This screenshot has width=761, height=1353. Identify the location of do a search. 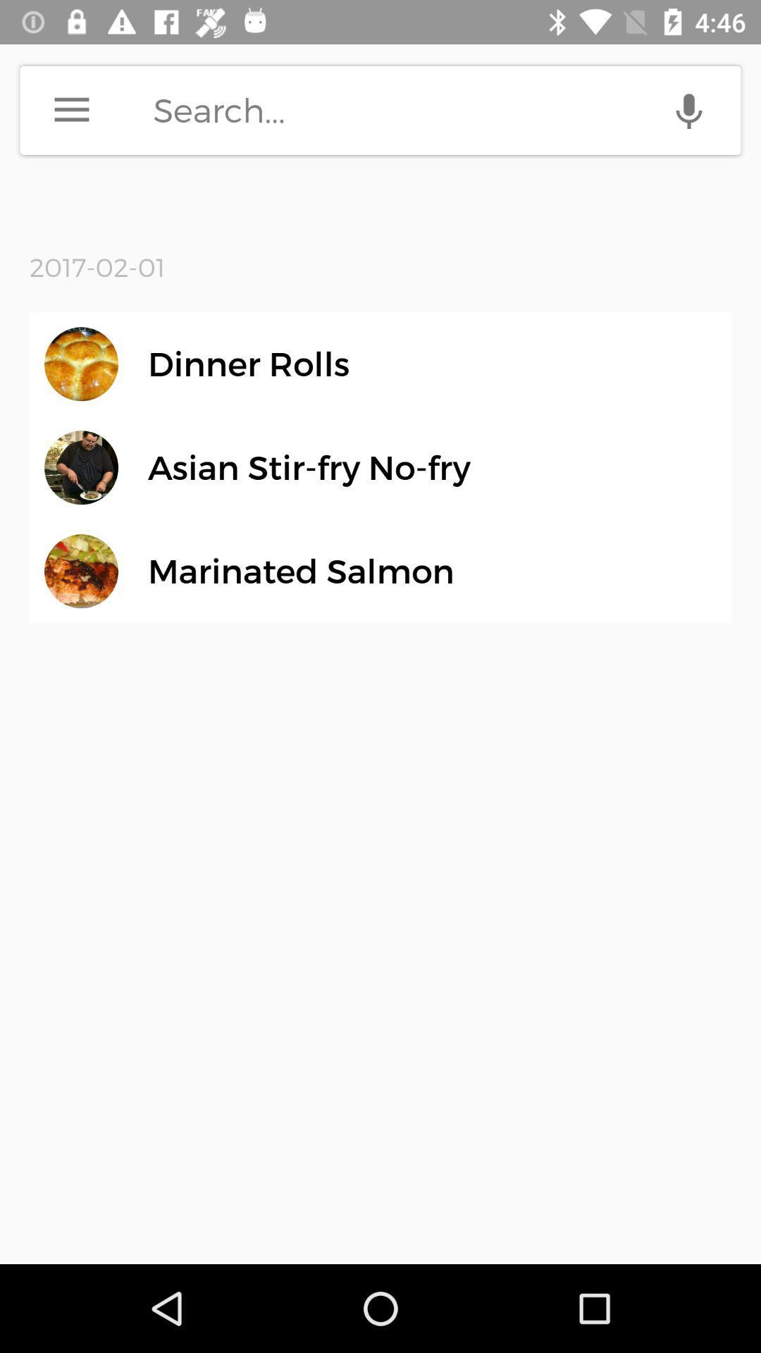
(447, 109).